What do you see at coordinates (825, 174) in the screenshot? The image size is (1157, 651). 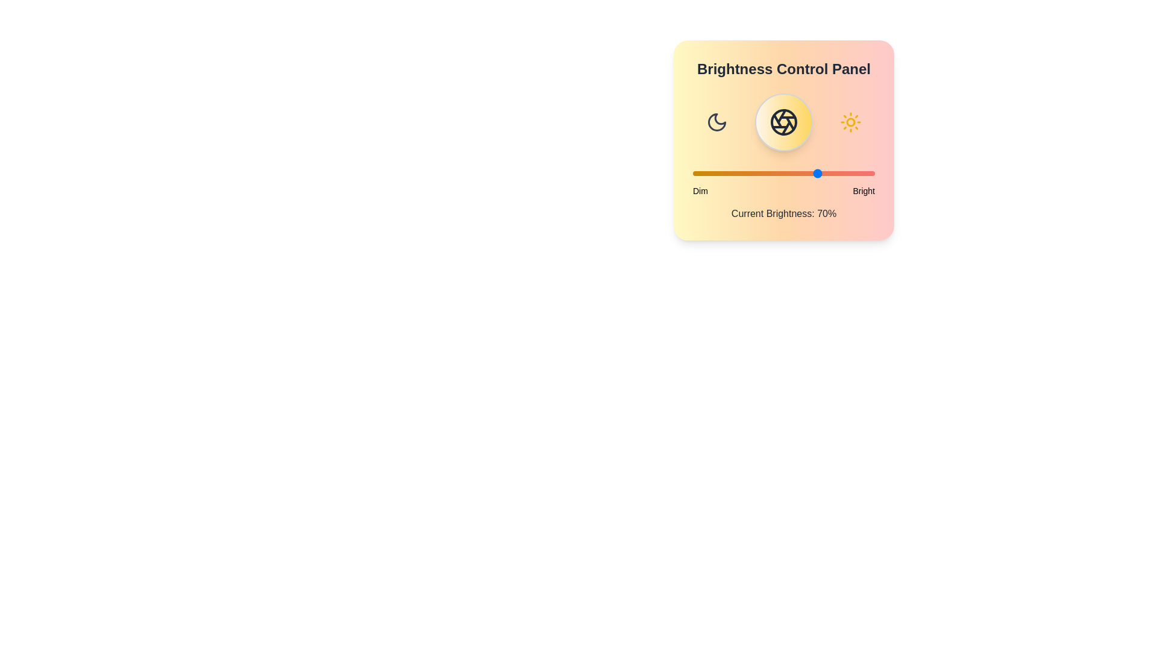 I see `the brightness slider to 73%` at bounding box center [825, 174].